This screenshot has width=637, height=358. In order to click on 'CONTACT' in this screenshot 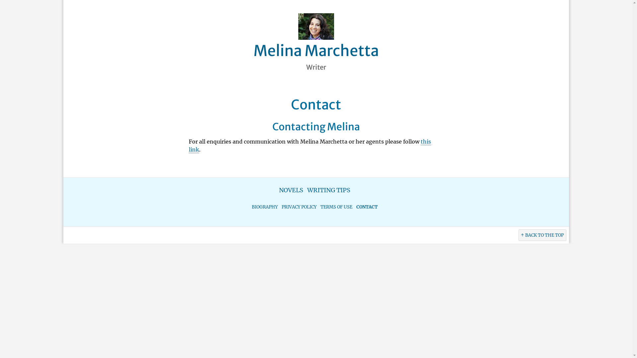, I will do `click(366, 207)`.